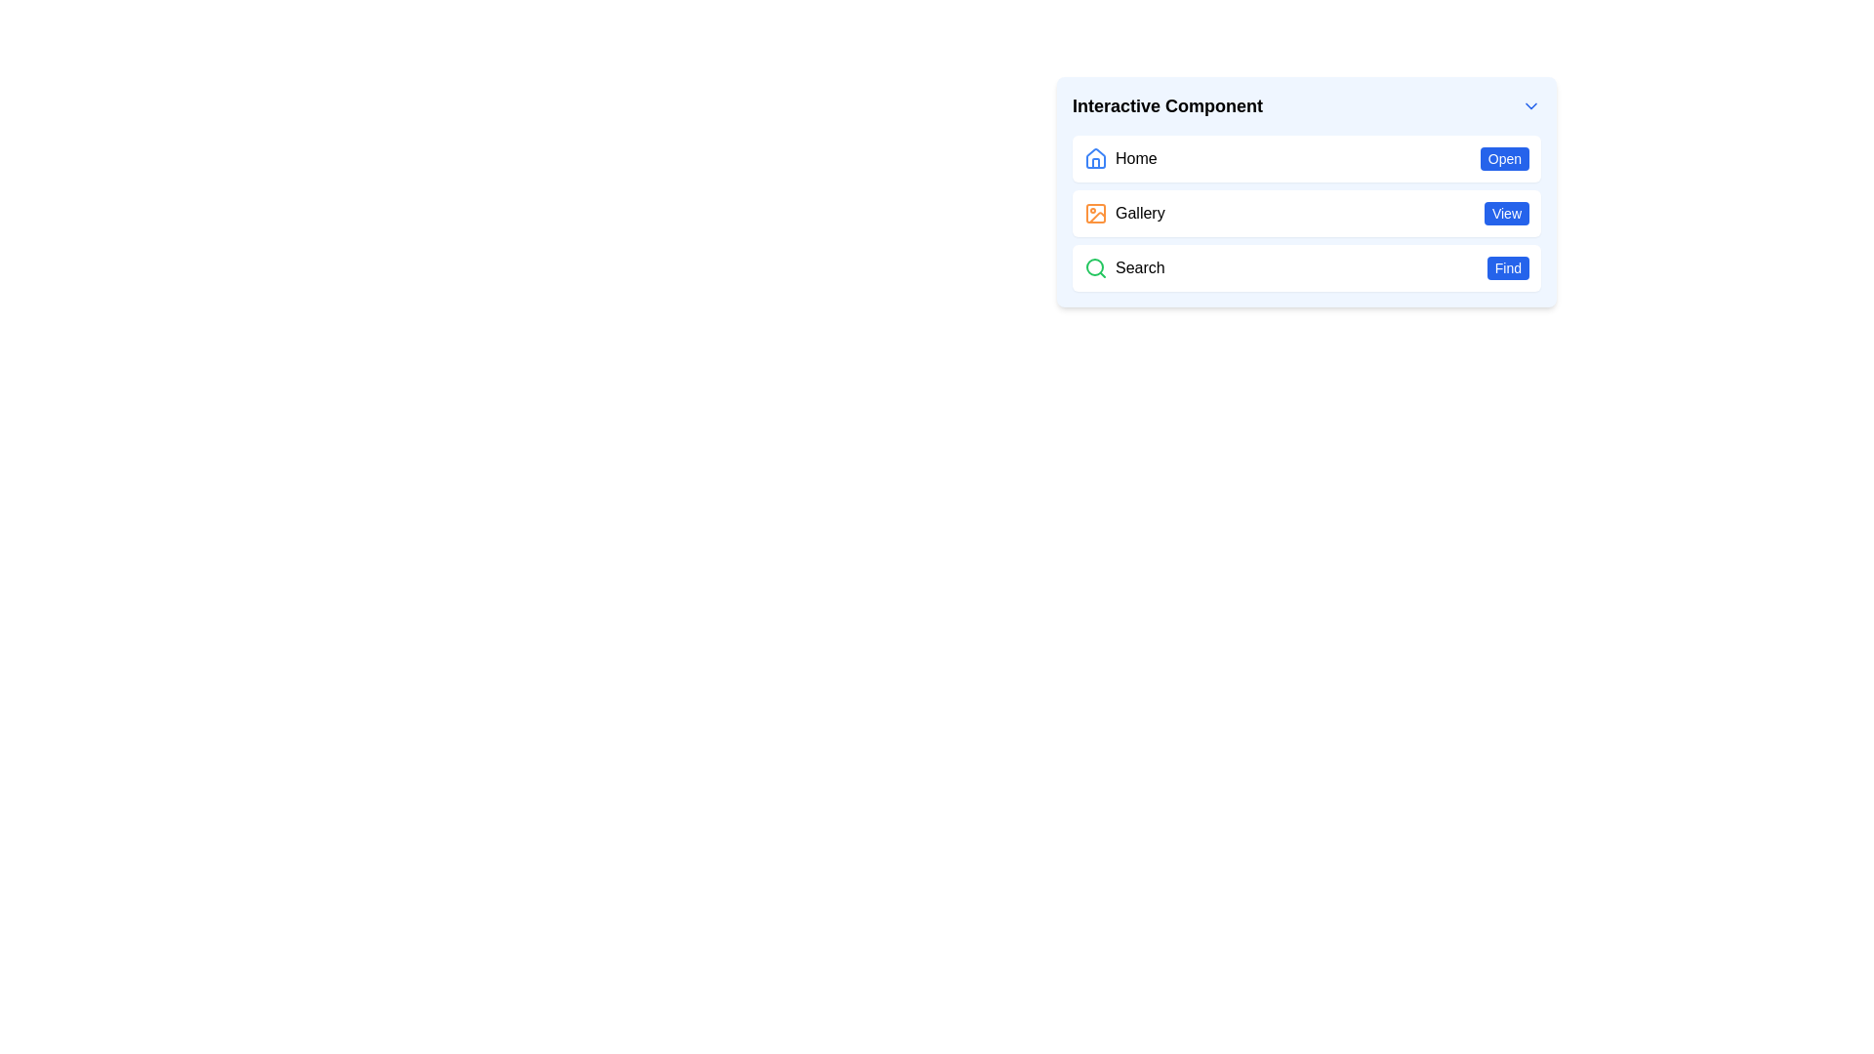 The height and width of the screenshot is (1054, 1874). Describe the element at coordinates (1505, 214) in the screenshot. I see `the rightmost button in the second item of the vertically aligned list to observe the styling change for the 'Gallery' section` at that location.